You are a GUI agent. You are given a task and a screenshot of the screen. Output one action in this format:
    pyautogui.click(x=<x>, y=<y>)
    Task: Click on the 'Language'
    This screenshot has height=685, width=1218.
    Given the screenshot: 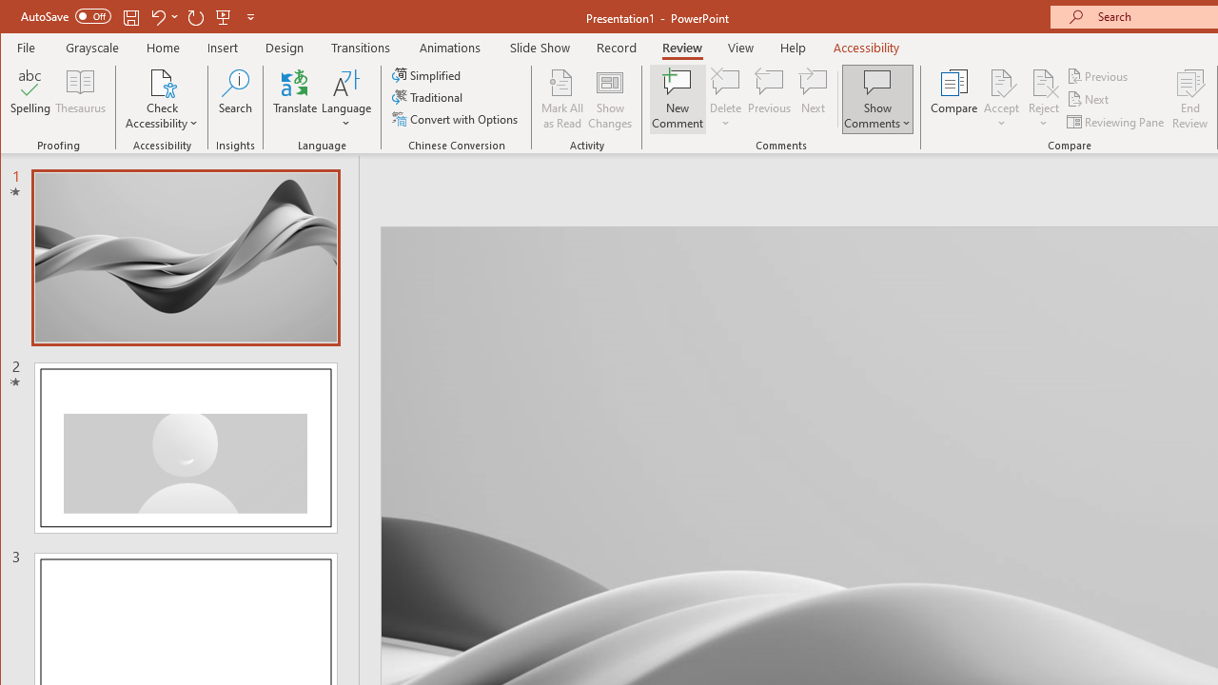 What is the action you would take?
    pyautogui.click(x=346, y=99)
    